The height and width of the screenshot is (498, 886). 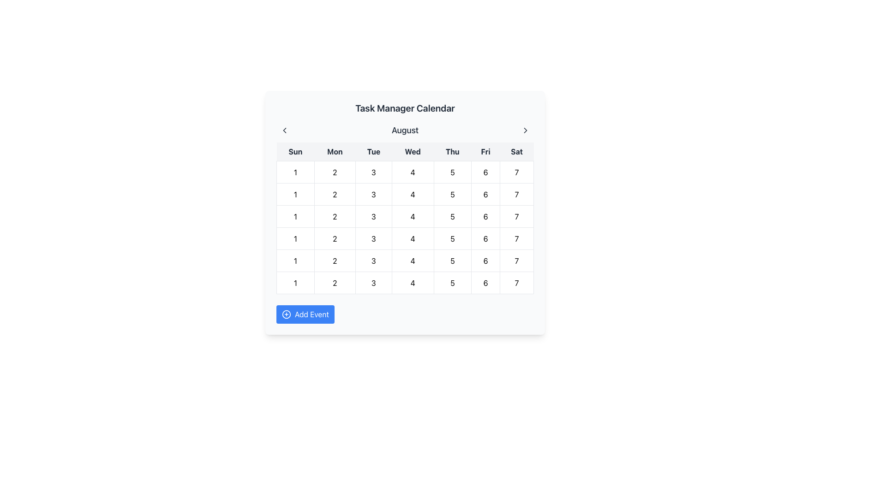 I want to click on the Calendar Date Cell displaying the numeral '6', so click(x=485, y=172).